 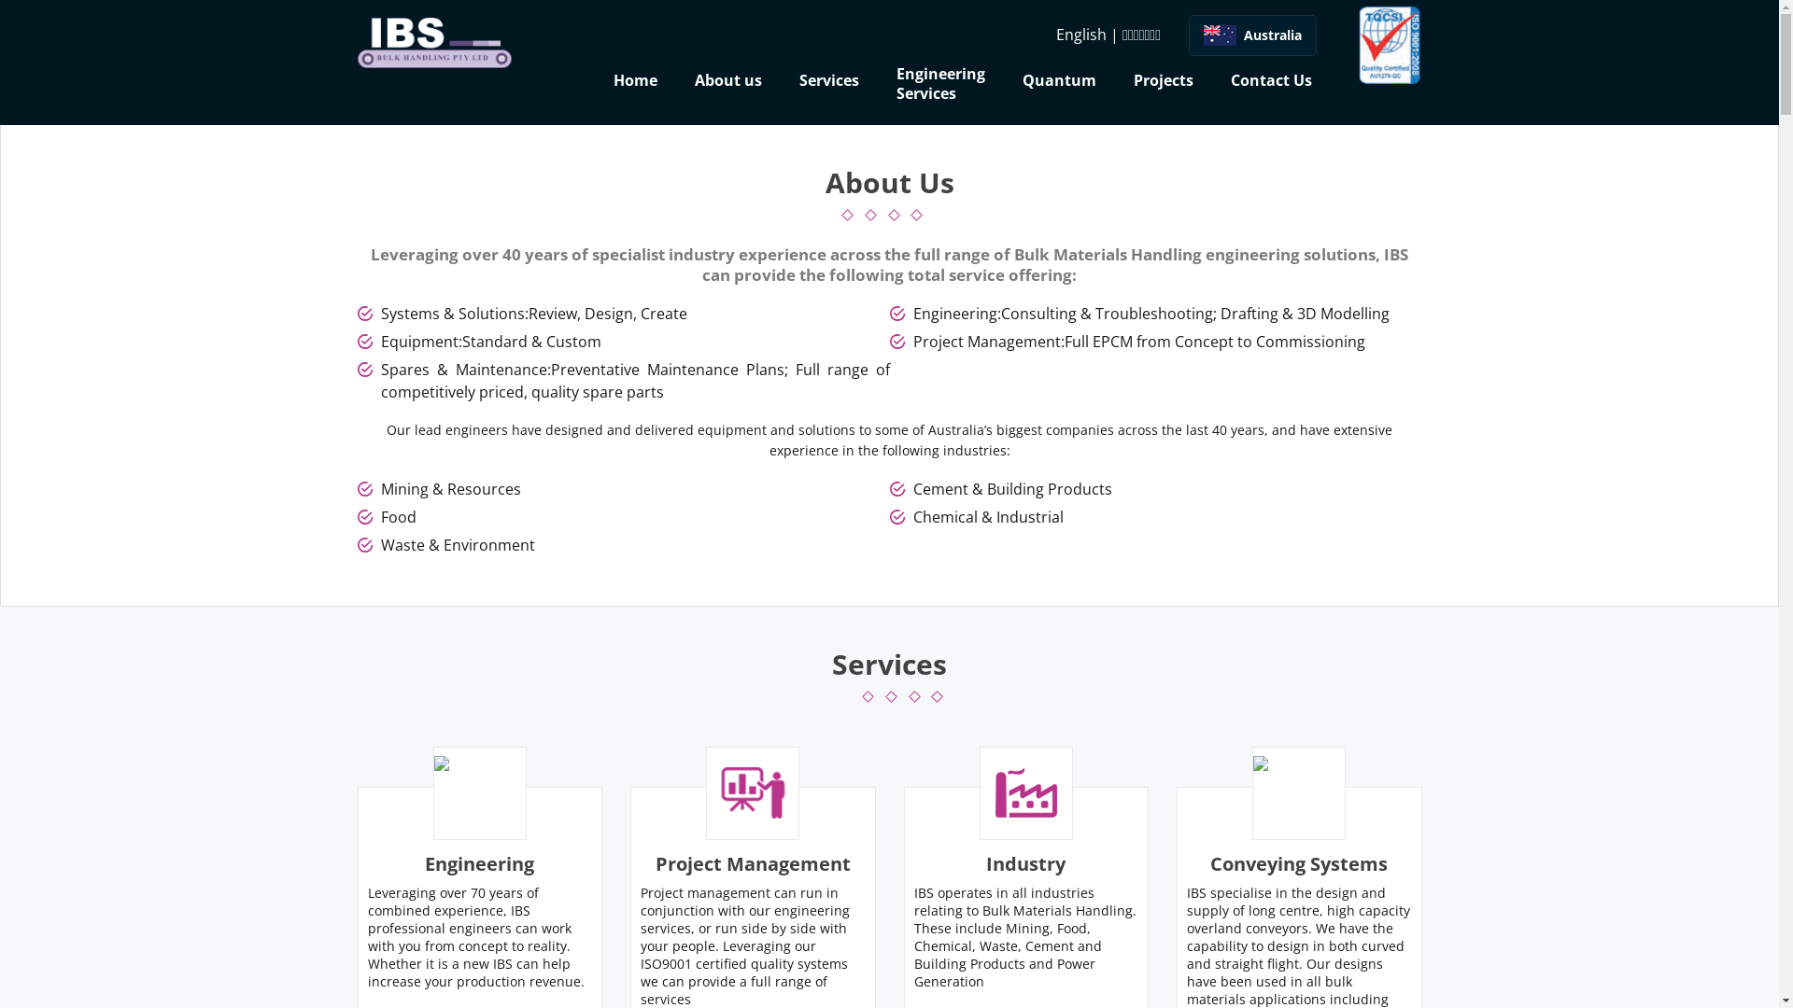 I want to click on 'Contact Us', so click(x=1270, y=81).